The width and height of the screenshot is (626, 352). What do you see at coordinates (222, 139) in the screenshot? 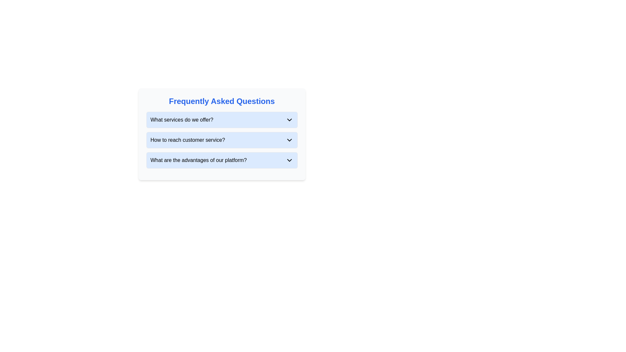
I see `the collapsible list item labeled 'How to reach customer service?'` at bounding box center [222, 139].